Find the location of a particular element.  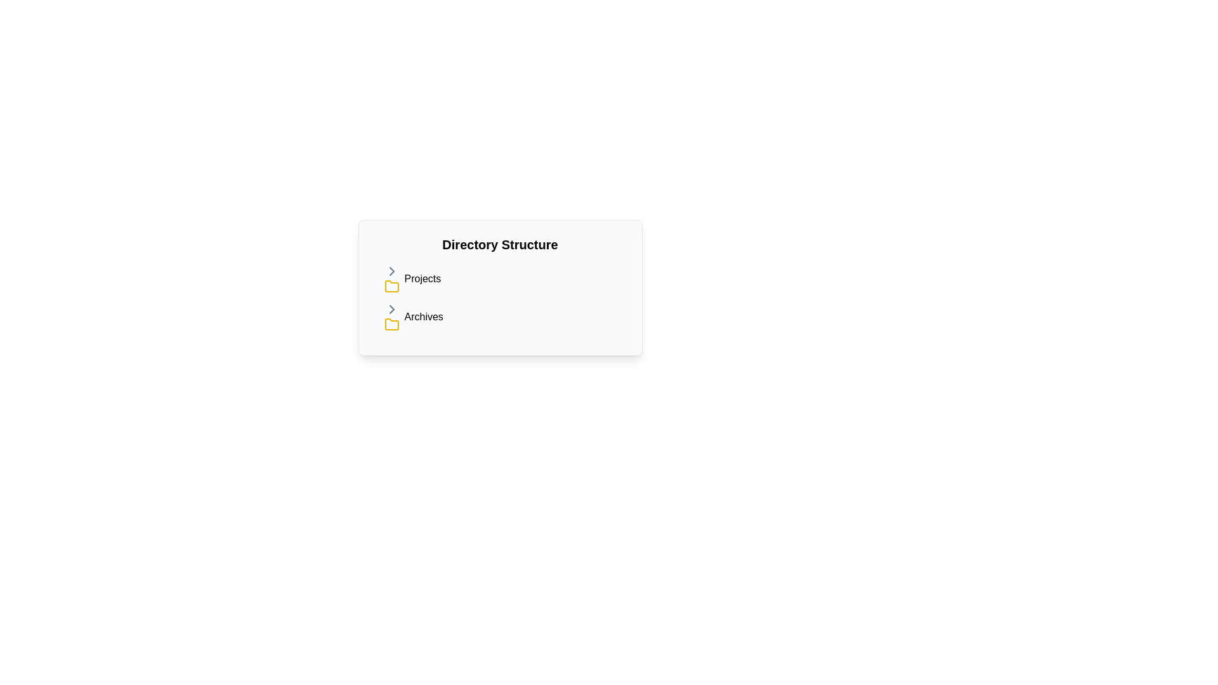

the vibrant yellow folder icon located next to the text 'Archives' in the directory structure is located at coordinates (391, 323).